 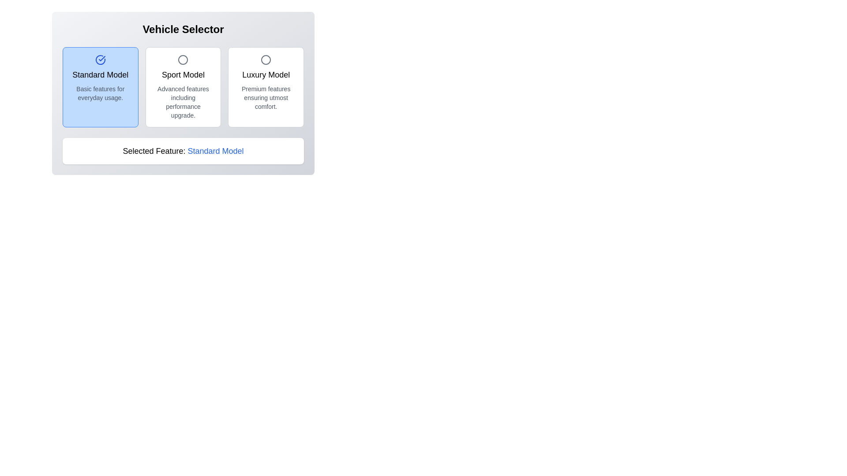 What do you see at coordinates (266, 98) in the screenshot?
I see `the descriptive text label for the 'Luxury Model' option located at the bottom of the 'Luxury Model' selection card` at bounding box center [266, 98].